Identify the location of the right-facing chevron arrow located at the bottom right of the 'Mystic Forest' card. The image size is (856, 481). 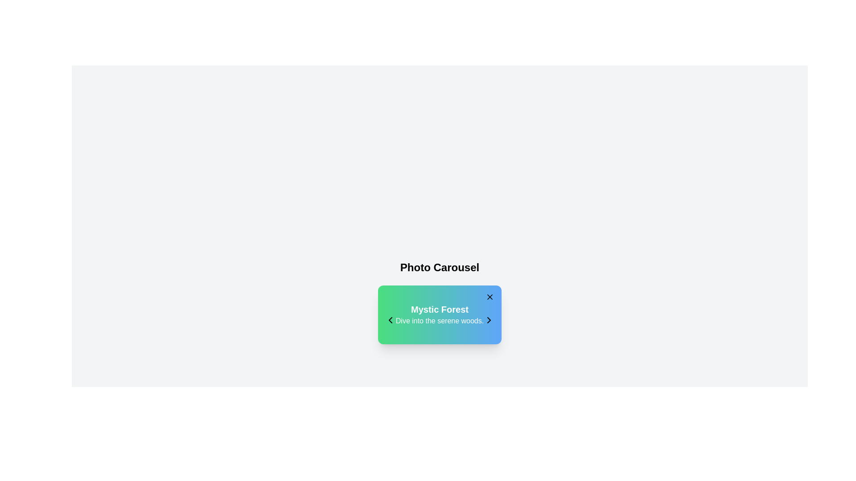
(489, 319).